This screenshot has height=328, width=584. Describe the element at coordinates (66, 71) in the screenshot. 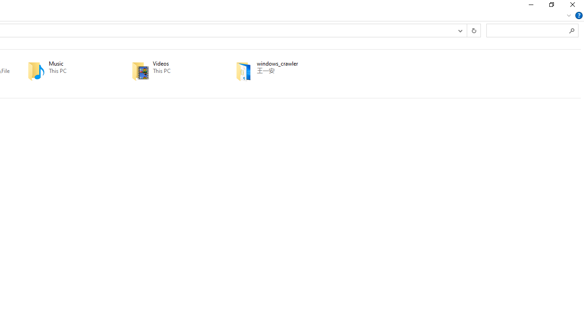

I see `'Music'` at that location.